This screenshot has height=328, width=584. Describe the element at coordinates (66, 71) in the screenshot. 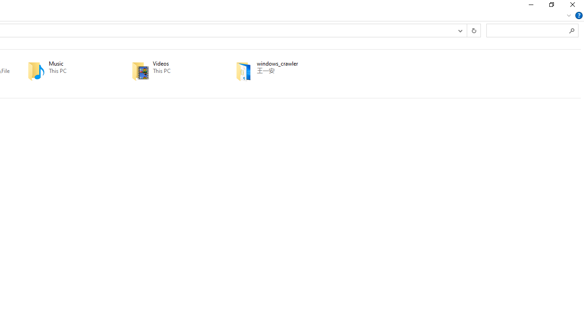

I see `'Music'` at that location.